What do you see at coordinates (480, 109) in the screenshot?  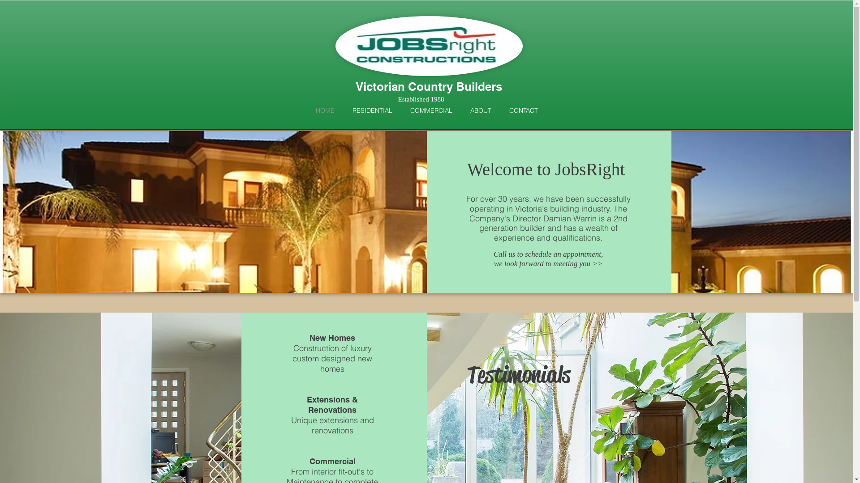 I see `'ABOUT'` at bounding box center [480, 109].